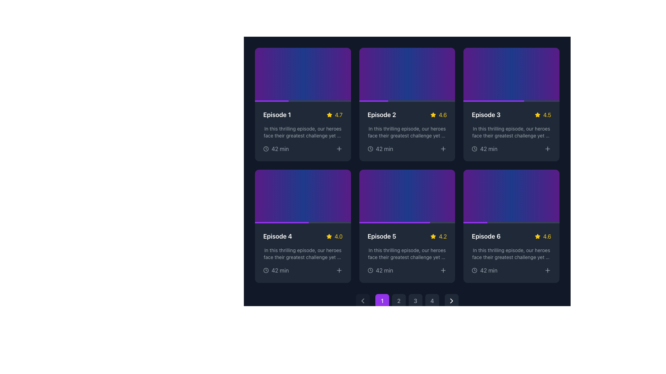 The height and width of the screenshot is (374, 666). What do you see at coordinates (433, 114) in the screenshot?
I see `the yellow star icon in the rating section, which is located in the second card of the top row, adjacent to the rating value '4.6'` at bounding box center [433, 114].